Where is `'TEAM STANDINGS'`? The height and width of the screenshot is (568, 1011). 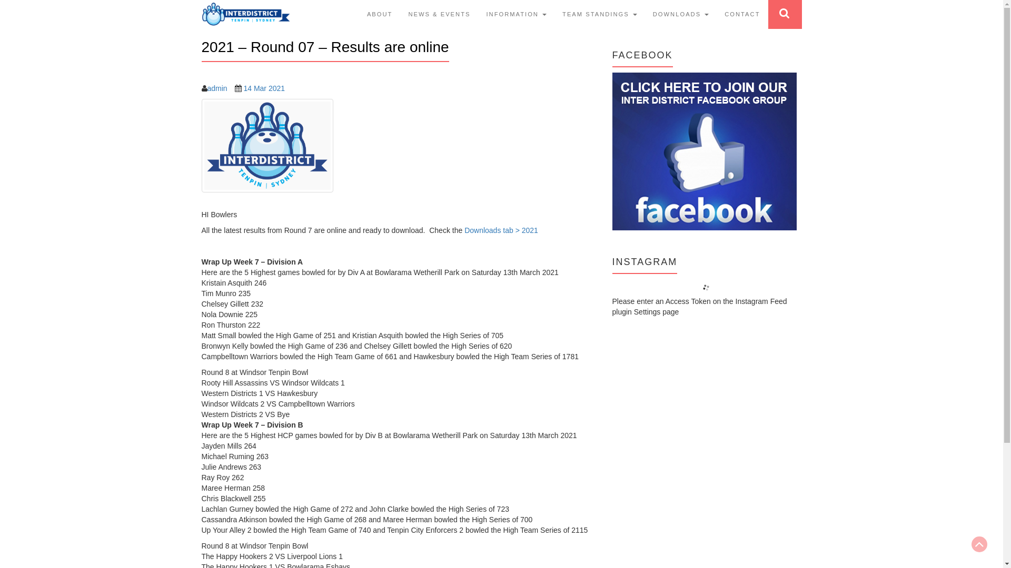 'TEAM STANDINGS' is located at coordinates (599, 14).